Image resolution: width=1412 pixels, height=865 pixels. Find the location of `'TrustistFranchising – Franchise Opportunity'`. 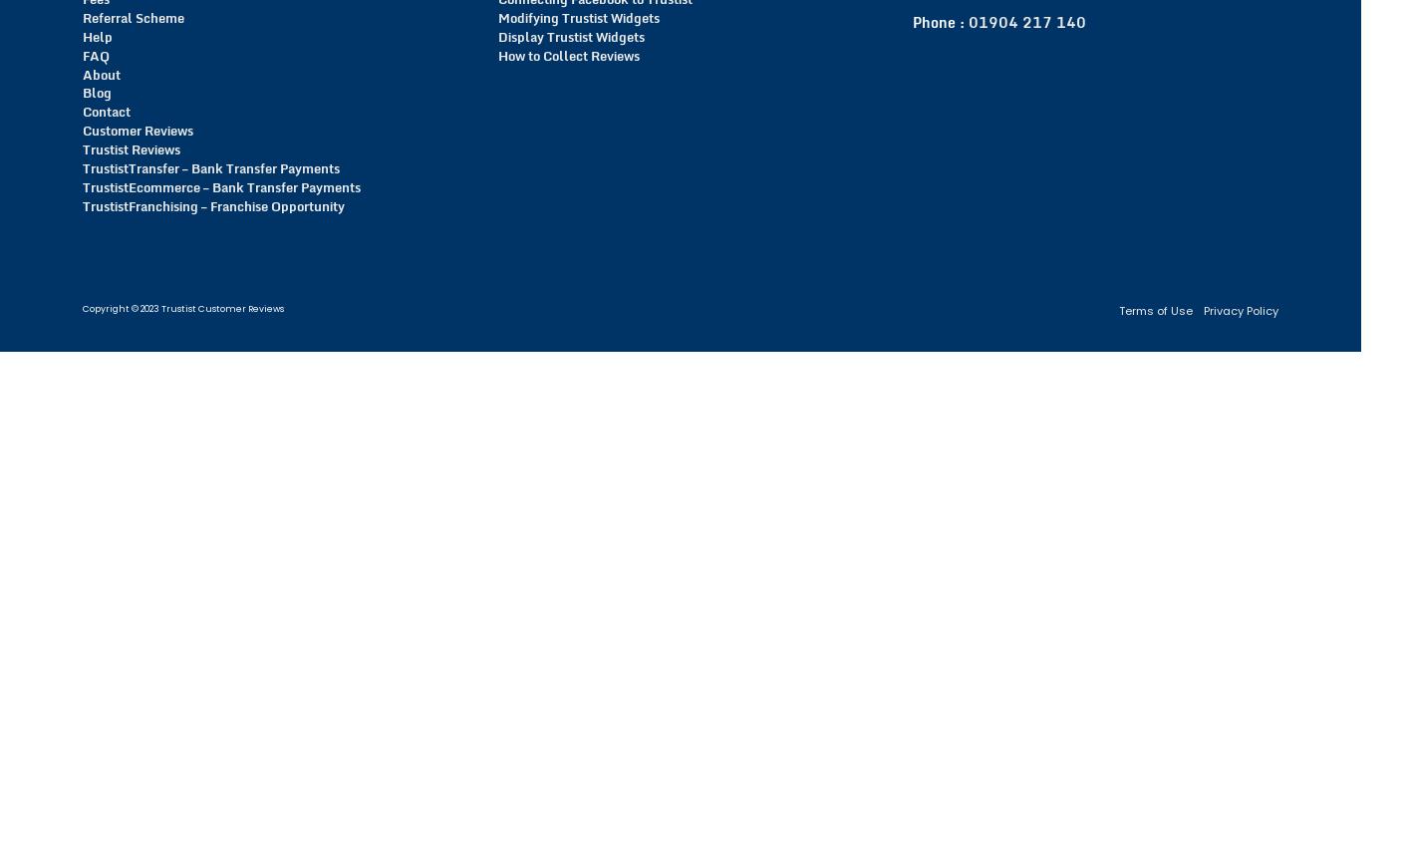

'TrustistFranchising – Franchise Opportunity' is located at coordinates (82, 204).